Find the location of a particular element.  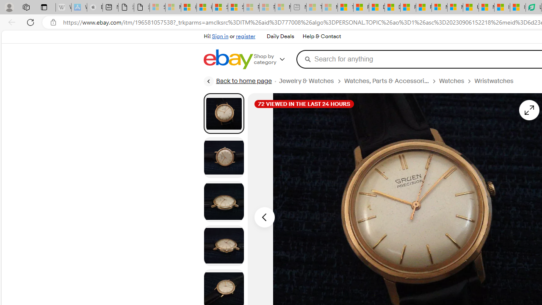

'Picture 2 of 8' is located at coordinates (224, 157).